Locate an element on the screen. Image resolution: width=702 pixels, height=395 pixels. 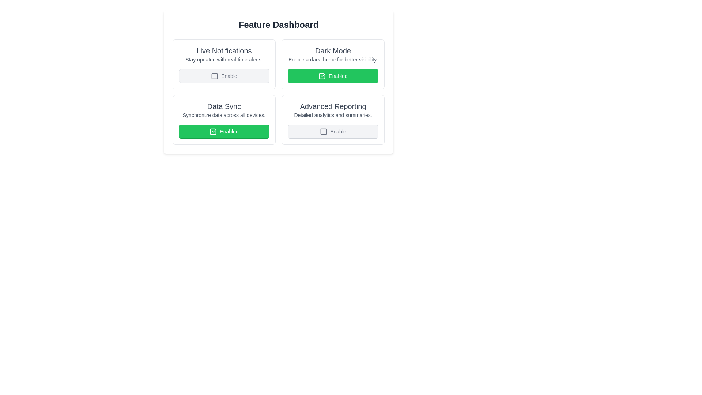
the information display text block that describes the 'Dark Mode' feature, located above the 'Enabled' button in the second column of the first row within a grid layout is located at coordinates (333, 54).